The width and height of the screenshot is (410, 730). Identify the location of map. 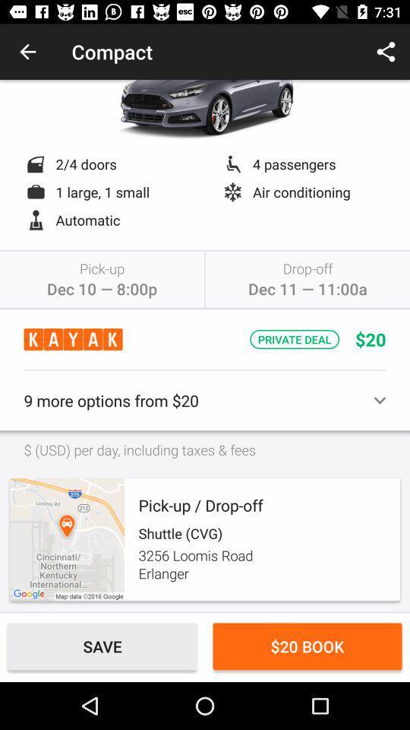
(66, 539).